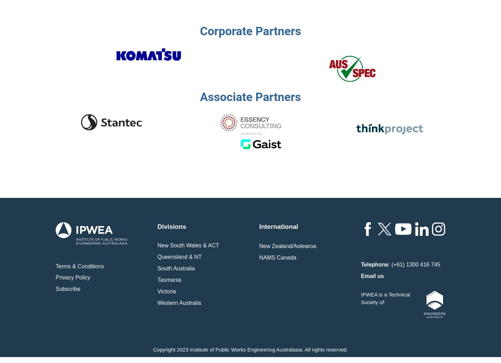 The image size is (501, 363). I want to click on 'Associate Partners', so click(250, 97).